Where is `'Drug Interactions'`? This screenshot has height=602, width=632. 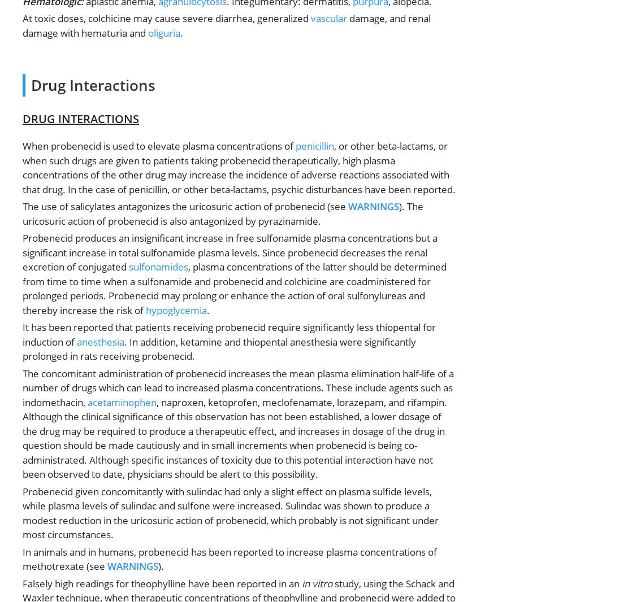
'Drug Interactions' is located at coordinates (93, 85).